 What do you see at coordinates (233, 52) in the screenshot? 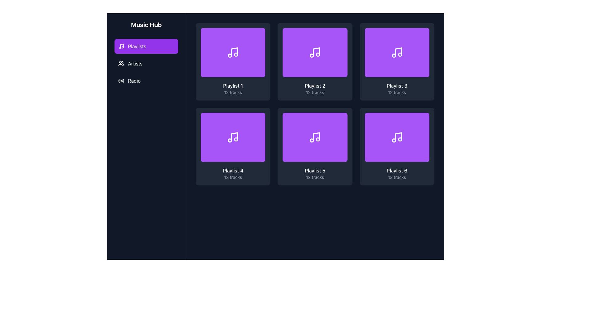
I see `the music note icon located in the top-left corner of the first playlist card labeled 'Playlist 1' in the music library interface for further interaction` at bounding box center [233, 52].